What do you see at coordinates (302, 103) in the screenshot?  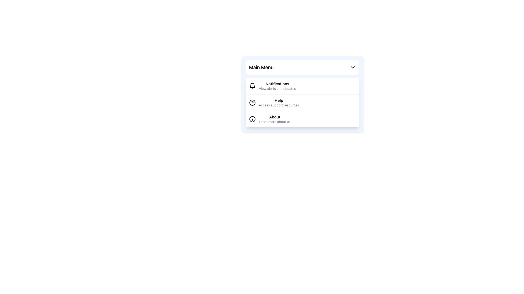 I see `the second item in the interactive list, which serves as a navigational link for support resources` at bounding box center [302, 103].